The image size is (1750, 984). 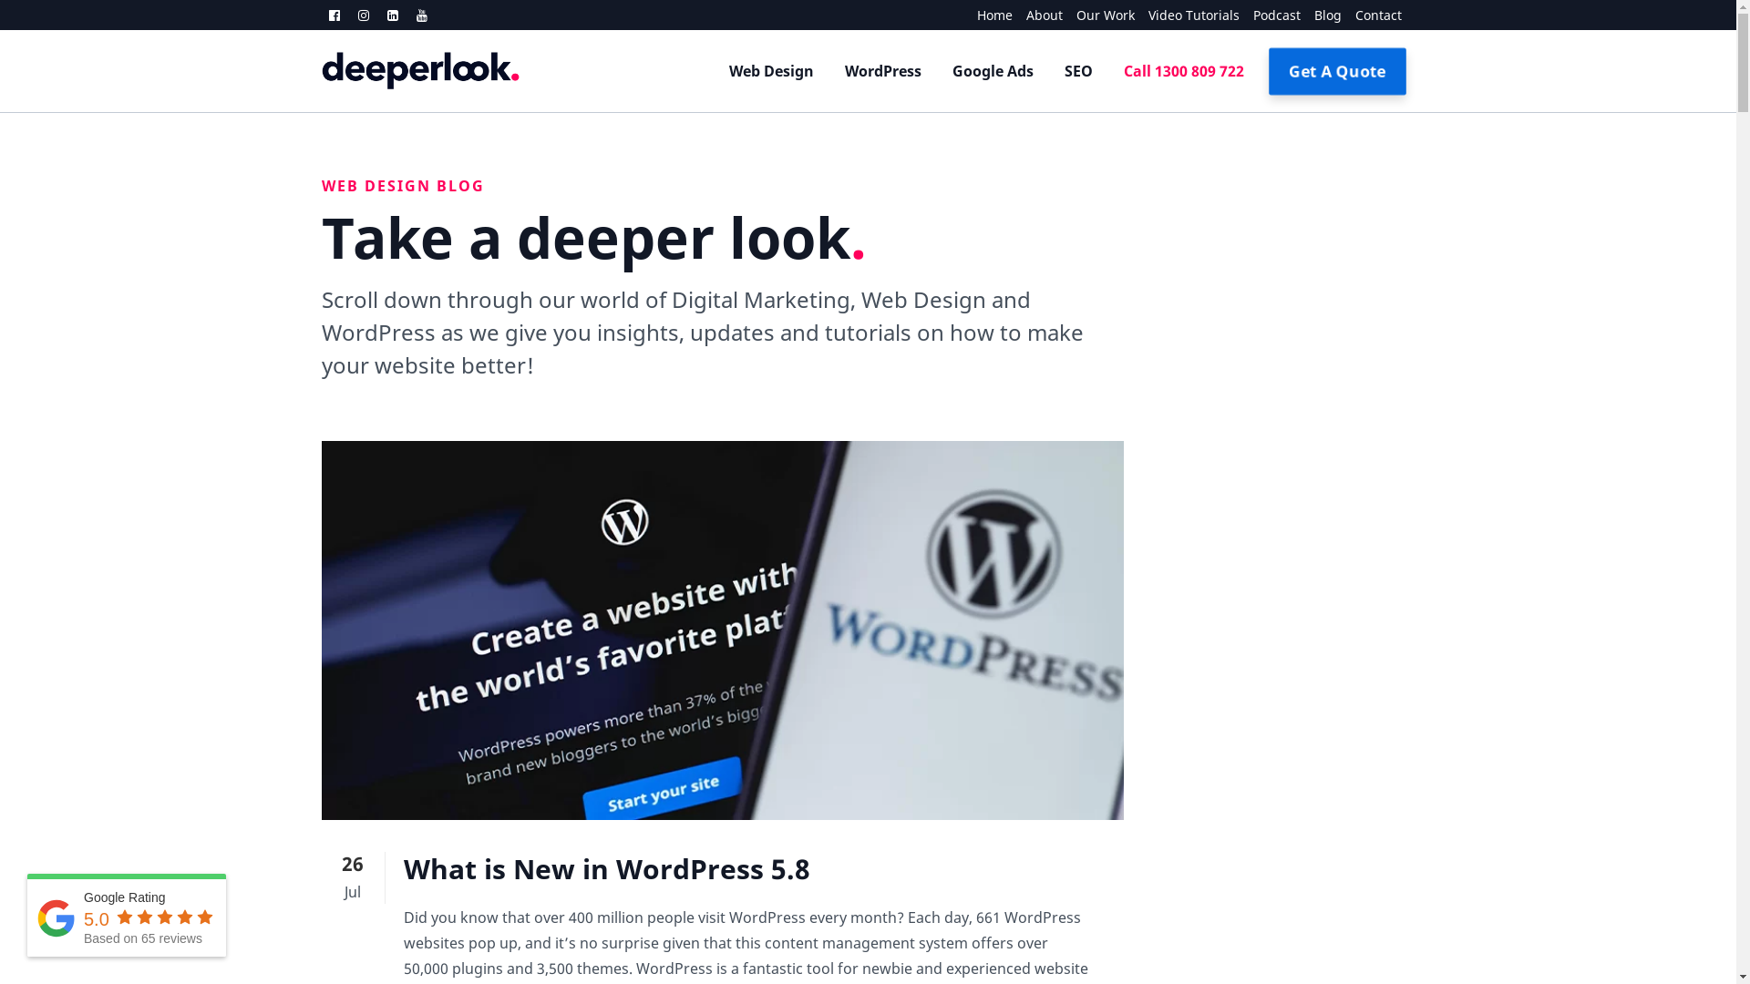 I want to click on 'Get A Quote', so click(x=1272, y=69).